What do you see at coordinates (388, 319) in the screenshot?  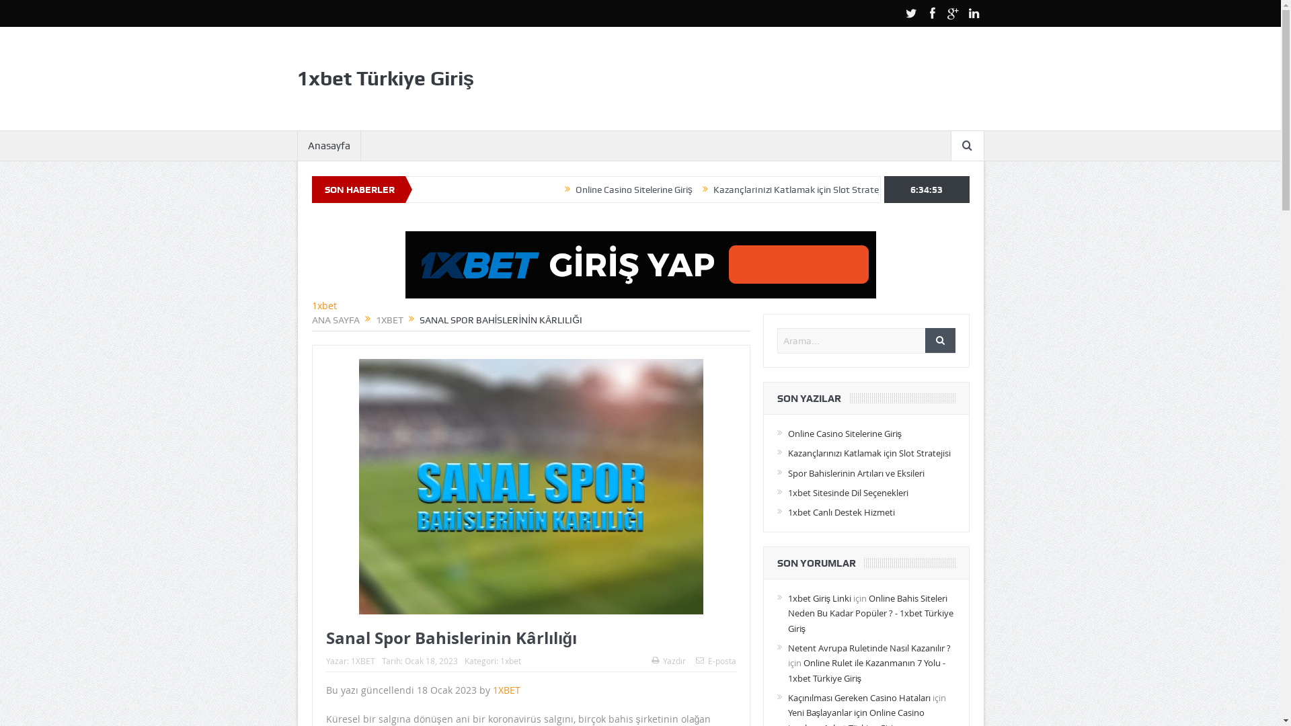 I see `'1XBET'` at bounding box center [388, 319].